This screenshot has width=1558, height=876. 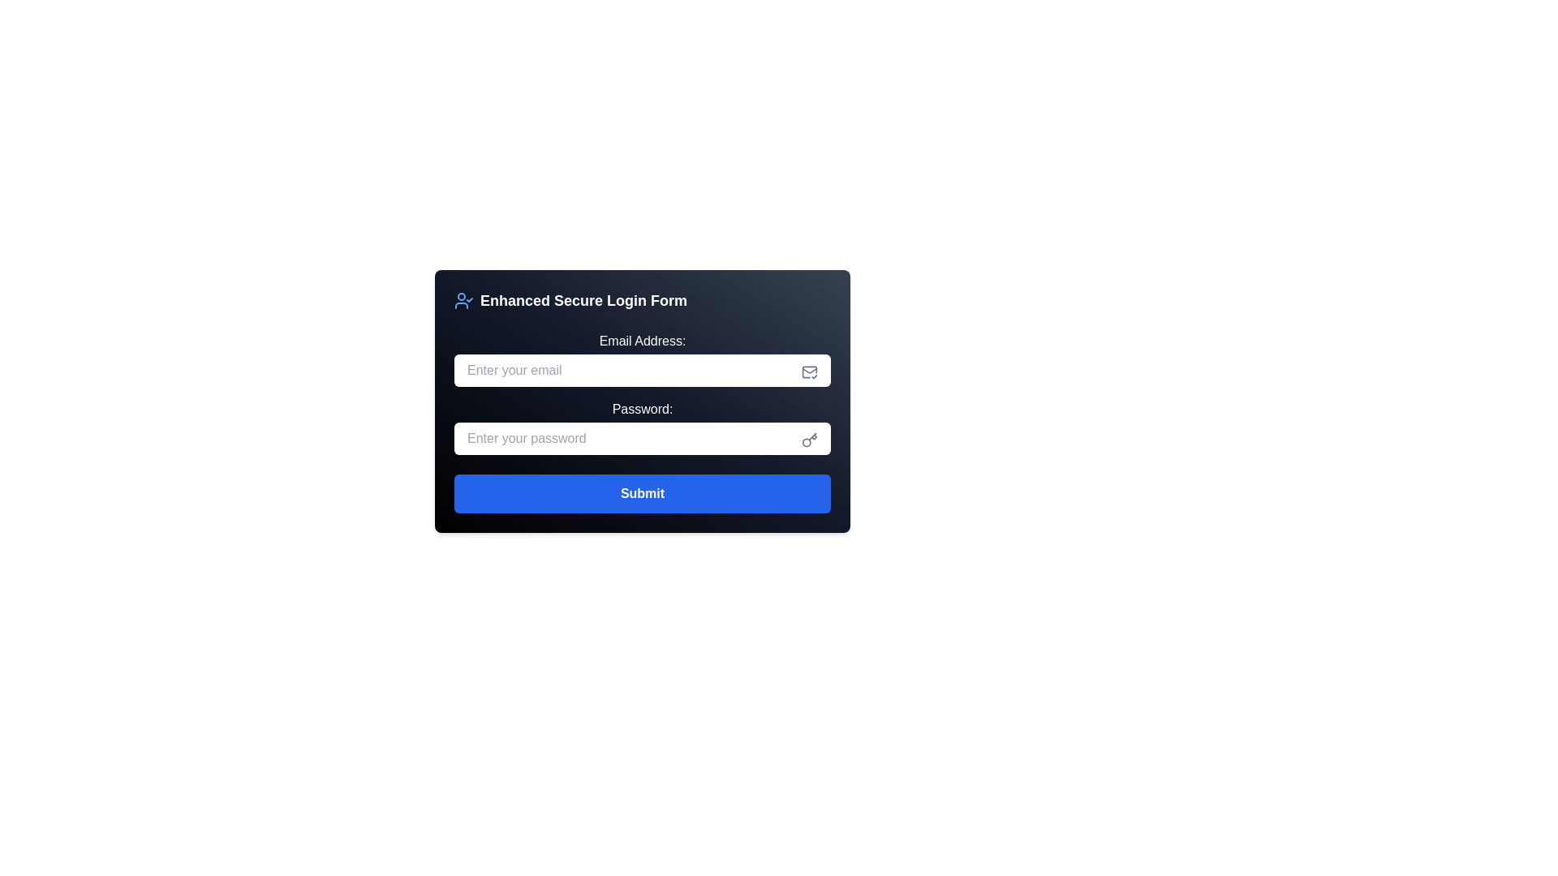 What do you see at coordinates (807, 442) in the screenshot?
I see `the SVG circle element representing the key icon, which is positioned directly to the right of the 'Password' text field` at bounding box center [807, 442].